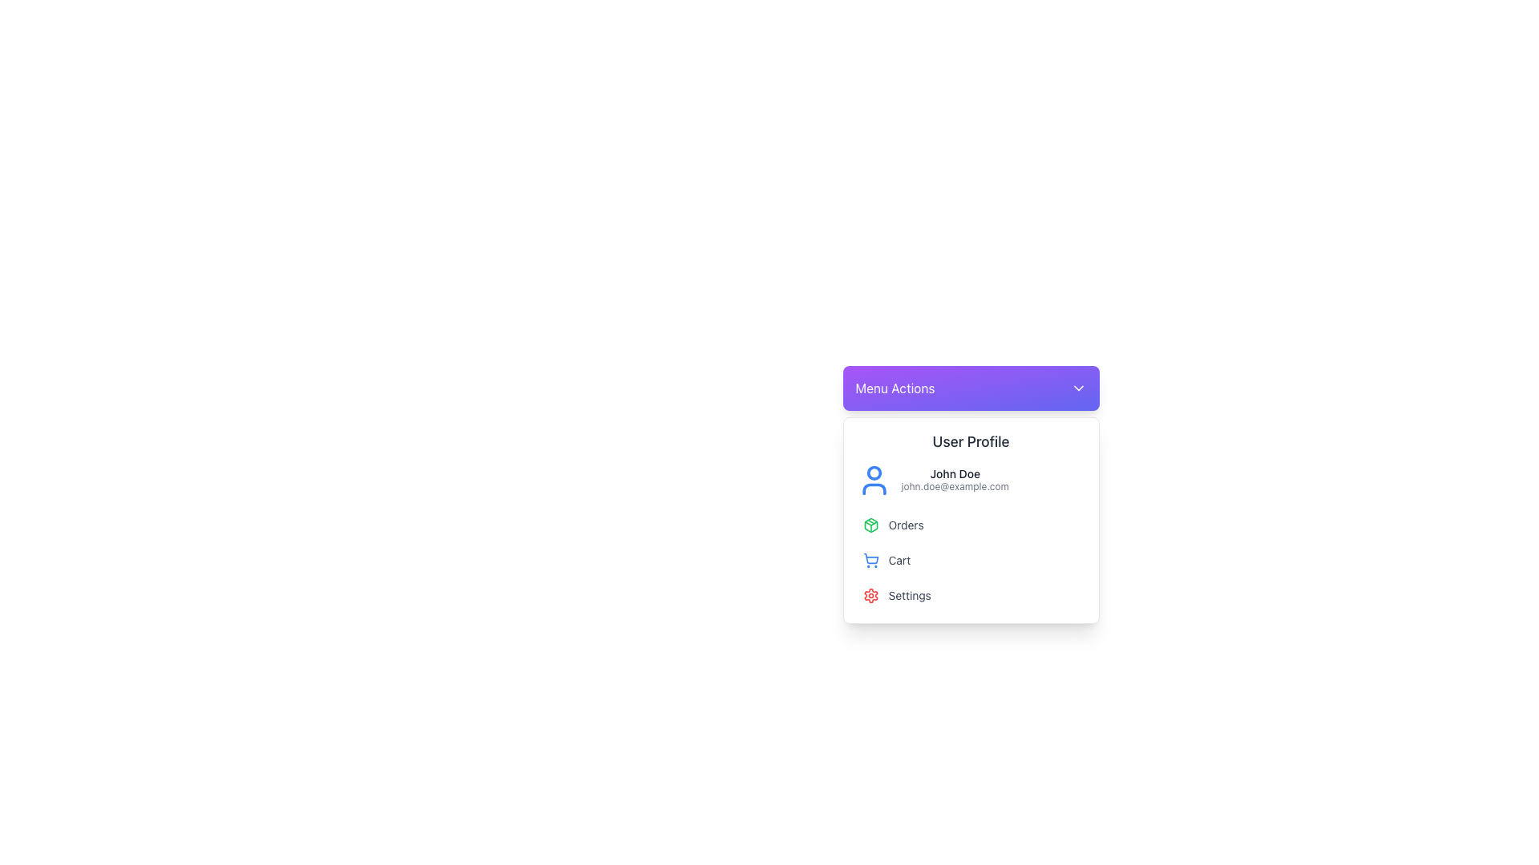  Describe the element at coordinates (899, 559) in the screenshot. I see `the 'Cart' text label located in the dropdown menu, which is positioned below the 'Orders' section and above the 'Settings' section, aligned with a blue shopping cart icon` at that location.